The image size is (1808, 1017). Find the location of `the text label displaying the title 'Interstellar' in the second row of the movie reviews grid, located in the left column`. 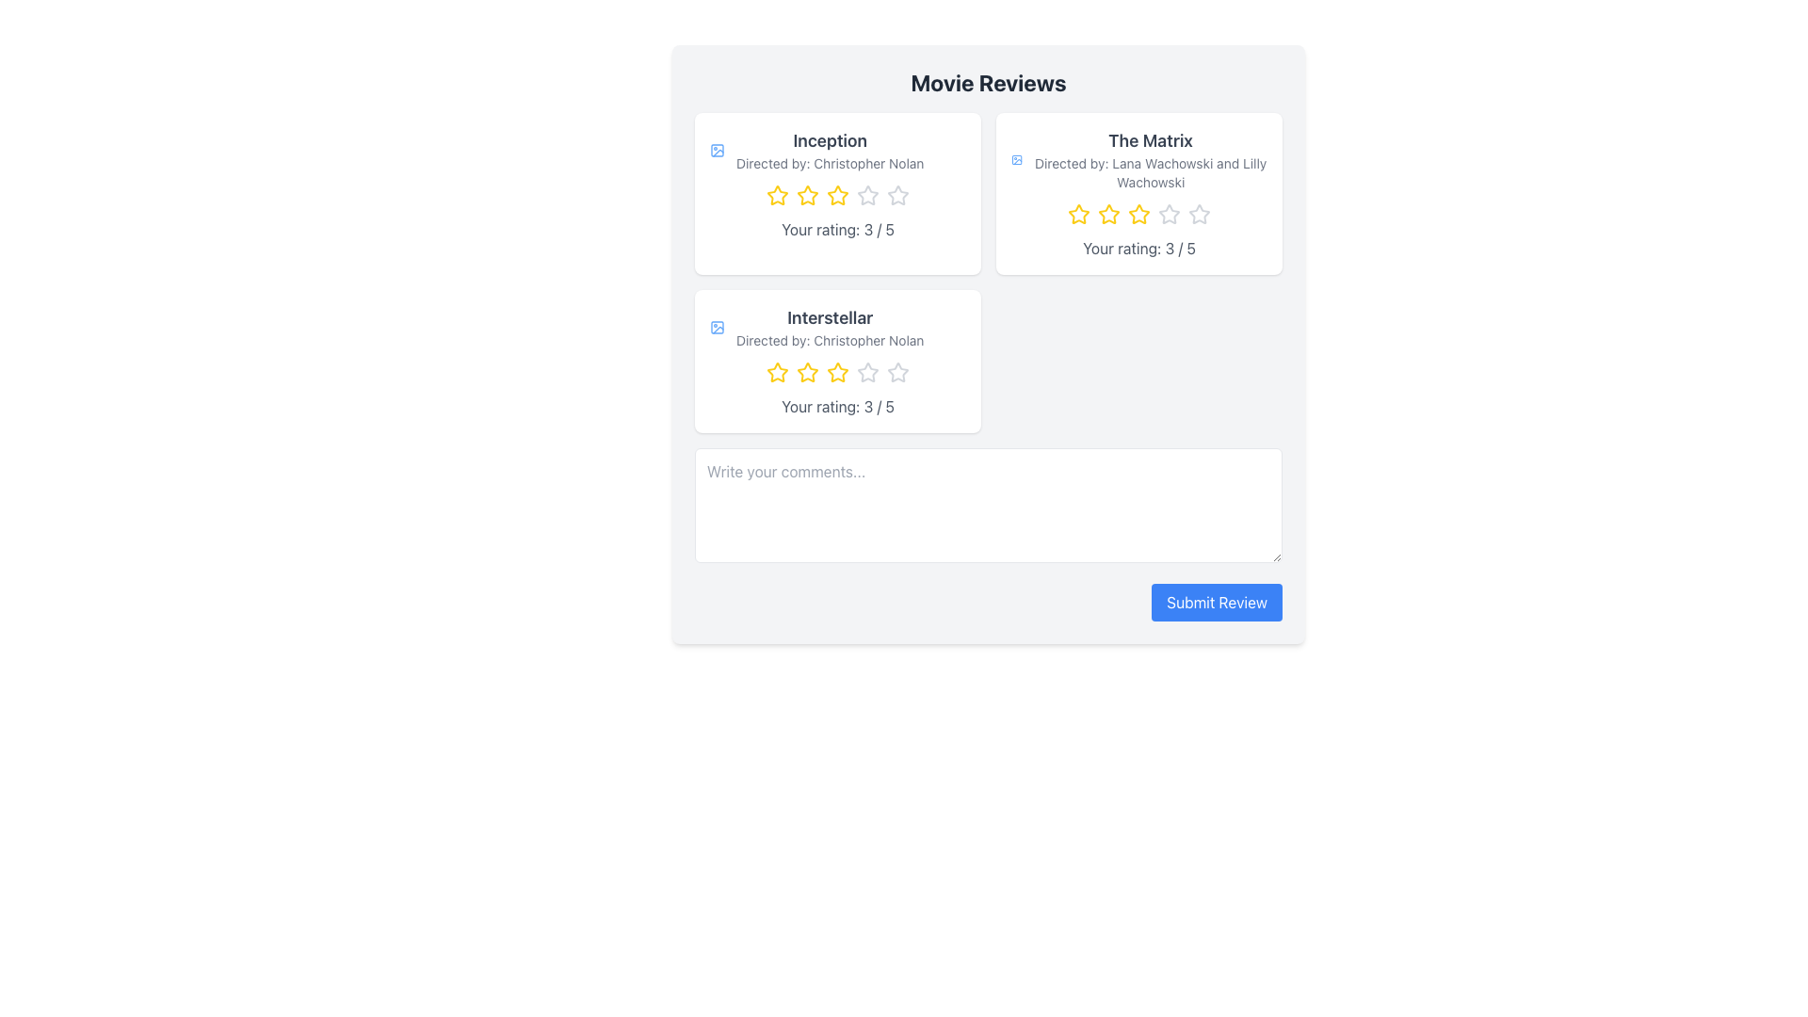

the text label displaying the title 'Interstellar' in the second row of the movie reviews grid, located in the left column is located at coordinates (829, 317).